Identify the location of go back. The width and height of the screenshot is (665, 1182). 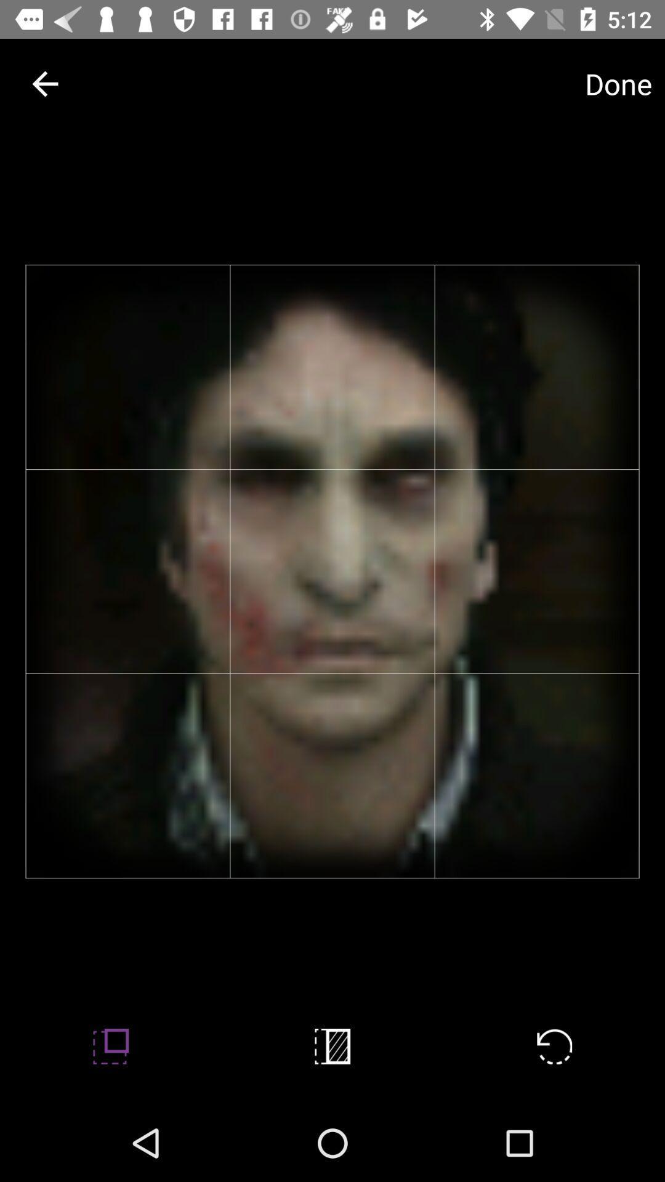
(44, 83).